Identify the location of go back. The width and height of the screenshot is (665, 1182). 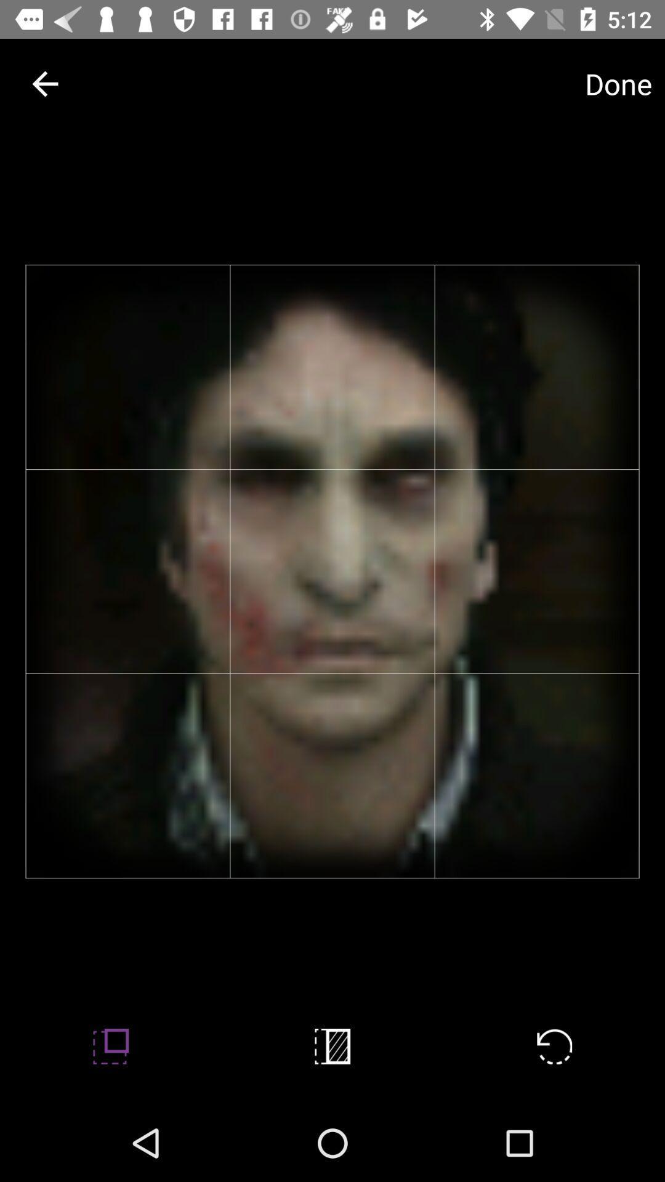
(44, 83).